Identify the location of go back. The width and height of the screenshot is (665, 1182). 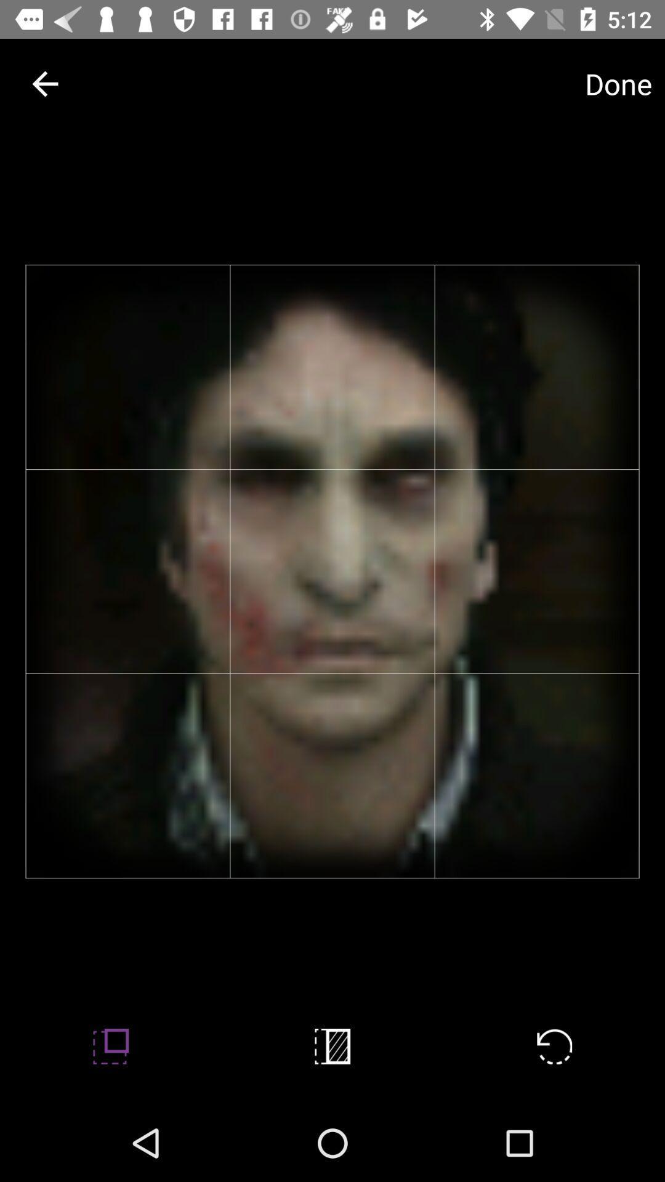
(44, 83).